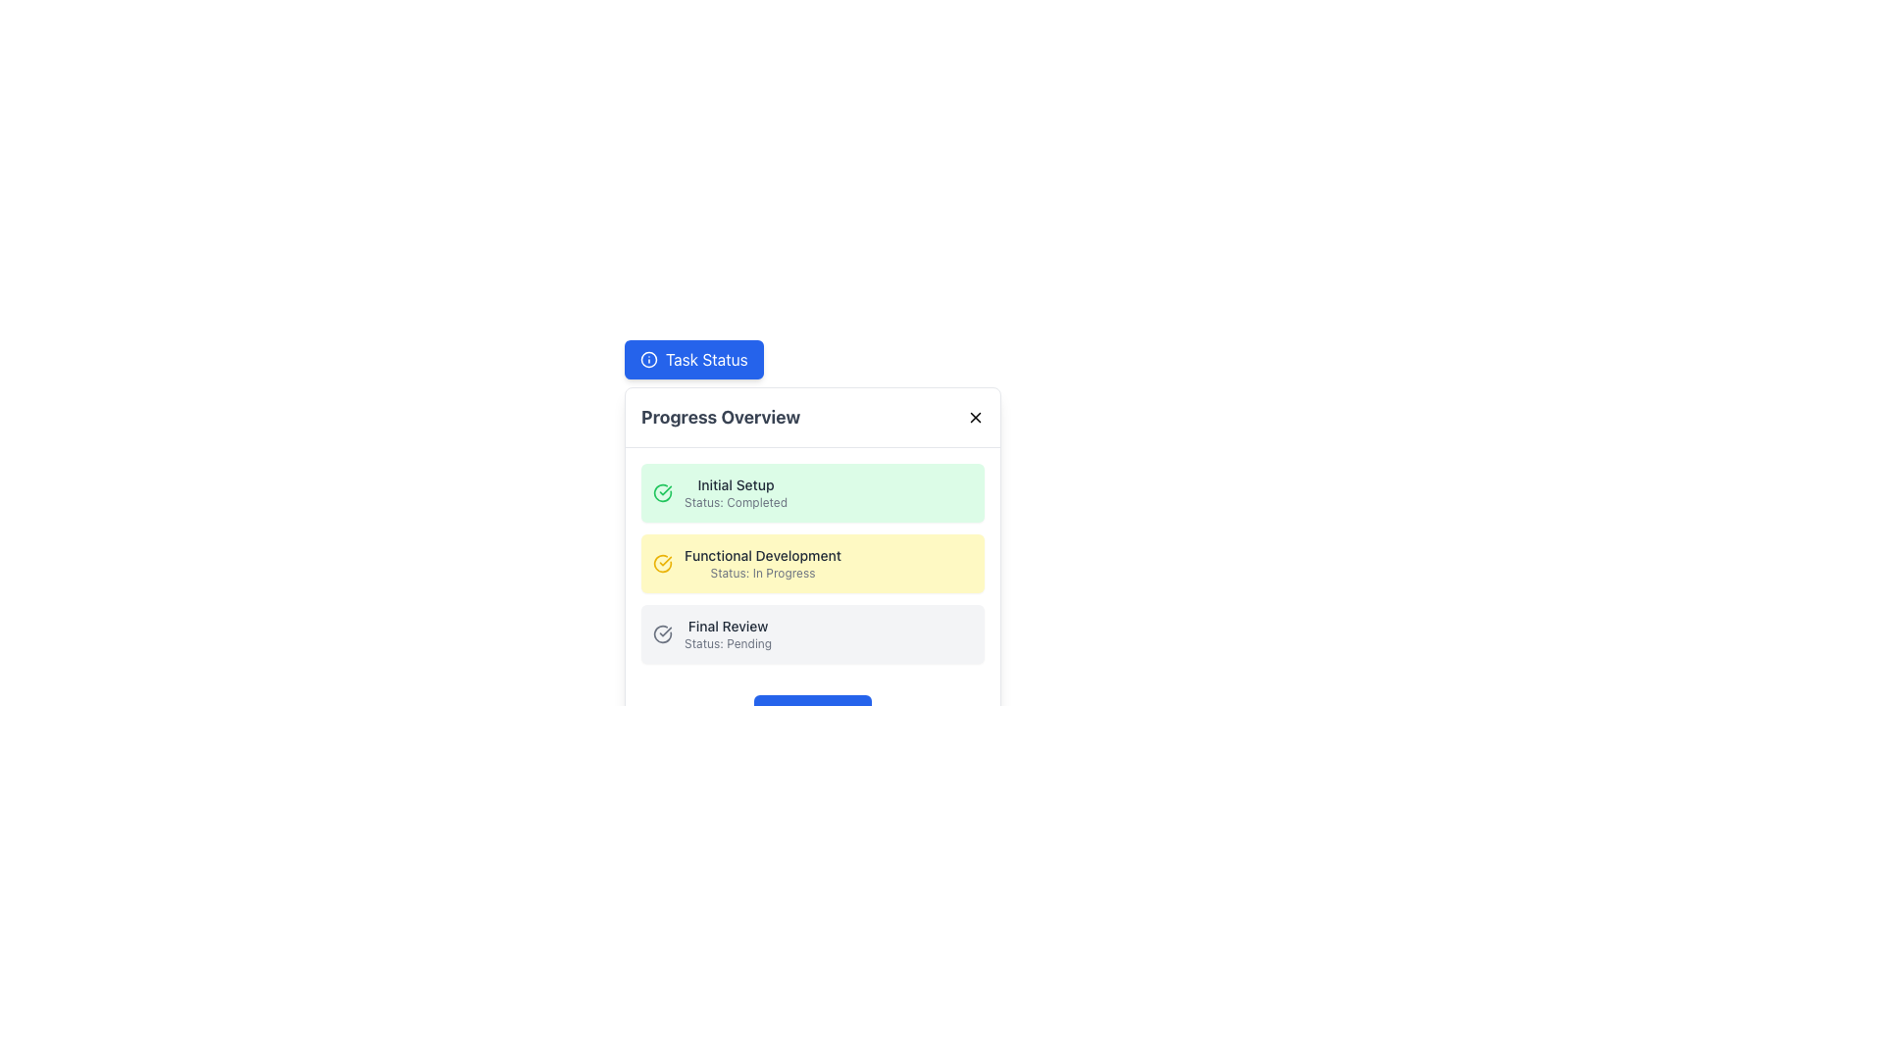 Image resolution: width=1883 pixels, height=1059 pixels. What do you see at coordinates (735, 484) in the screenshot?
I see `the 'Initial Setup' text element styled in a small font within a light green rectangular section, indicating completed status` at bounding box center [735, 484].